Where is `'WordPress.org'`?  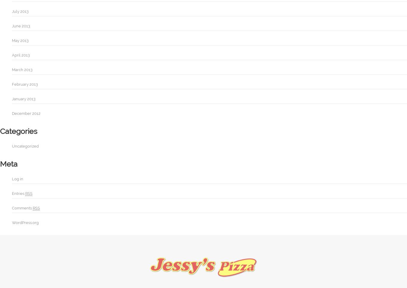 'WordPress.org' is located at coordinates (25, 223).